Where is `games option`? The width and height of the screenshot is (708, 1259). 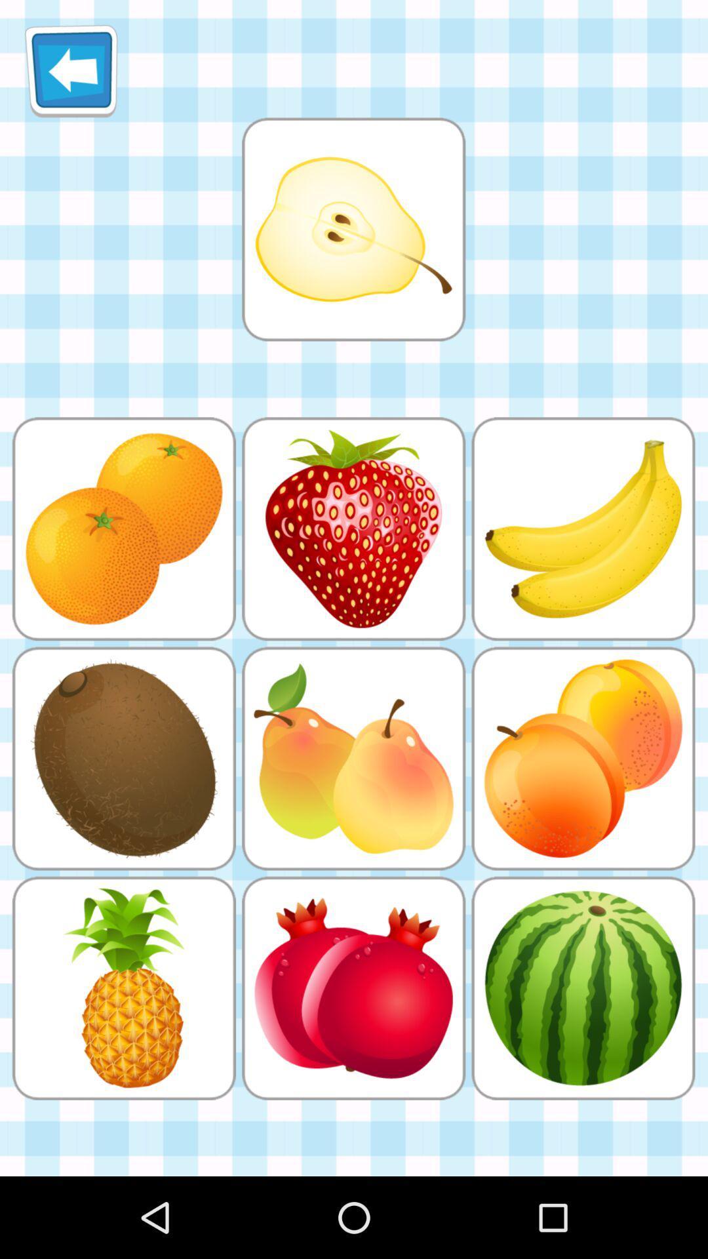
games option is located at coordinates (353, 229).